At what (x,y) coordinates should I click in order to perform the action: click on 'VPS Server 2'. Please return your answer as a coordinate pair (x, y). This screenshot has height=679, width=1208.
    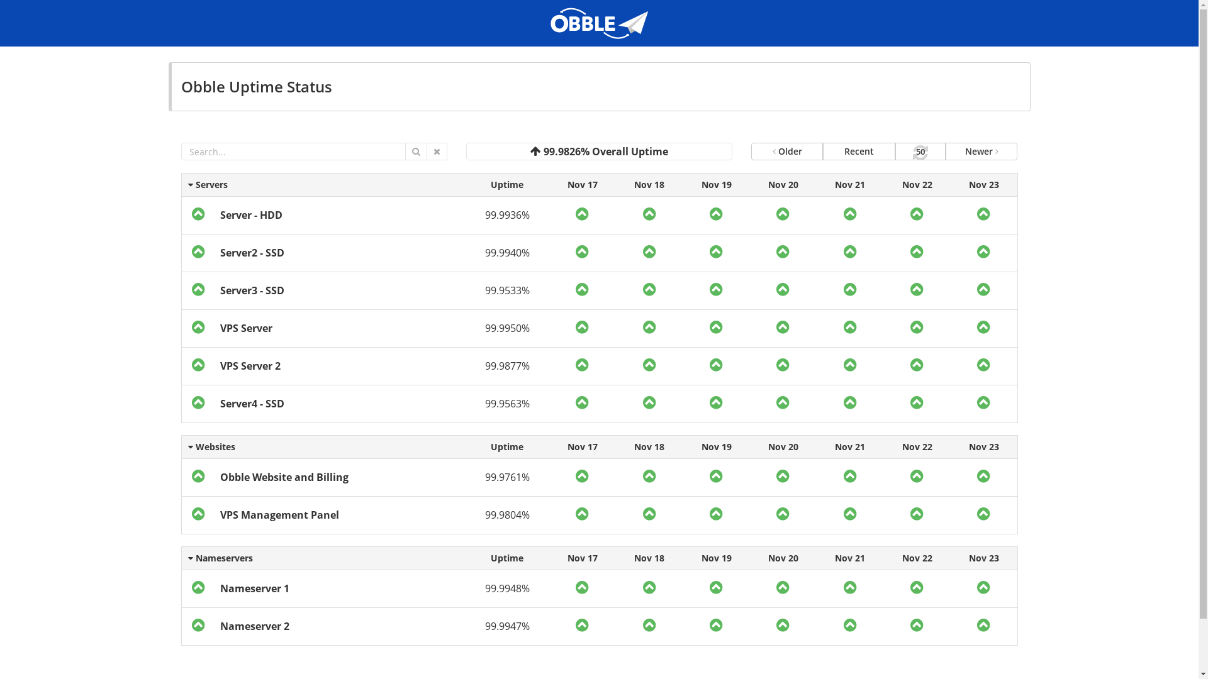
    Looking at the image, I should click on (220, 366).